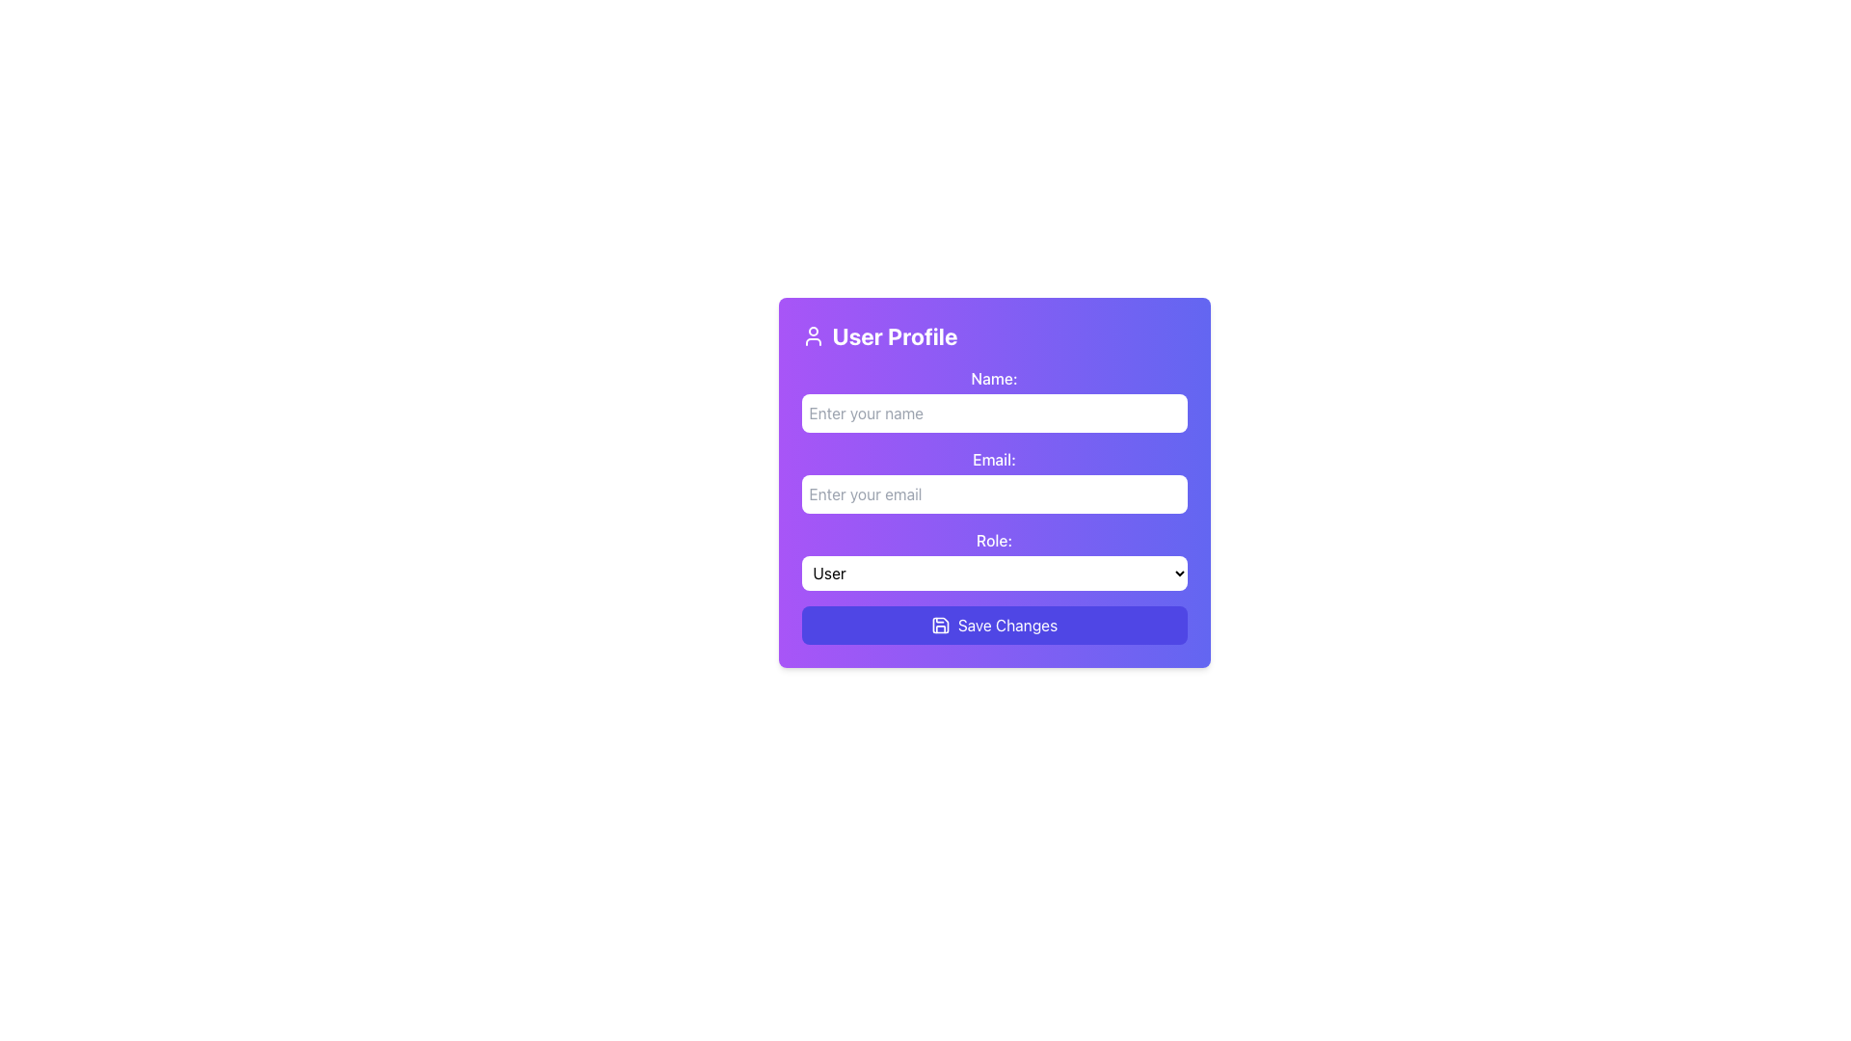 Image resolution: width=1851 pixels, height=1041 pixels. I want to click on the text label displaying 'Role:' in white font, which is located above the dropdown input field labeled 'User' in the 'User Profile' section, so click(994, 540).